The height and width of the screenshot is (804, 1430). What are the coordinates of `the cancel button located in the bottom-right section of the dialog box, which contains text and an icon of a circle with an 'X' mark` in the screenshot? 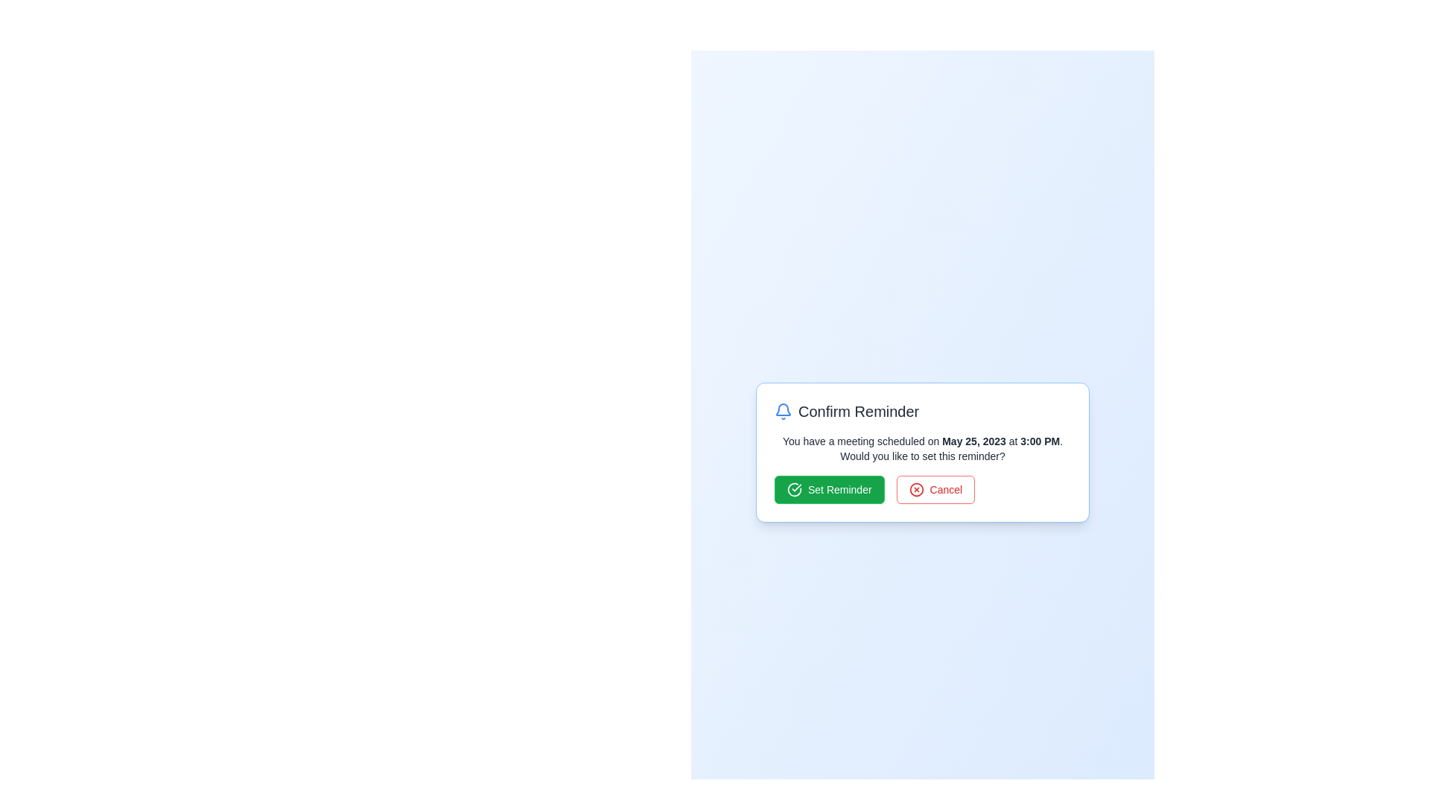 It's located at (945, 490).